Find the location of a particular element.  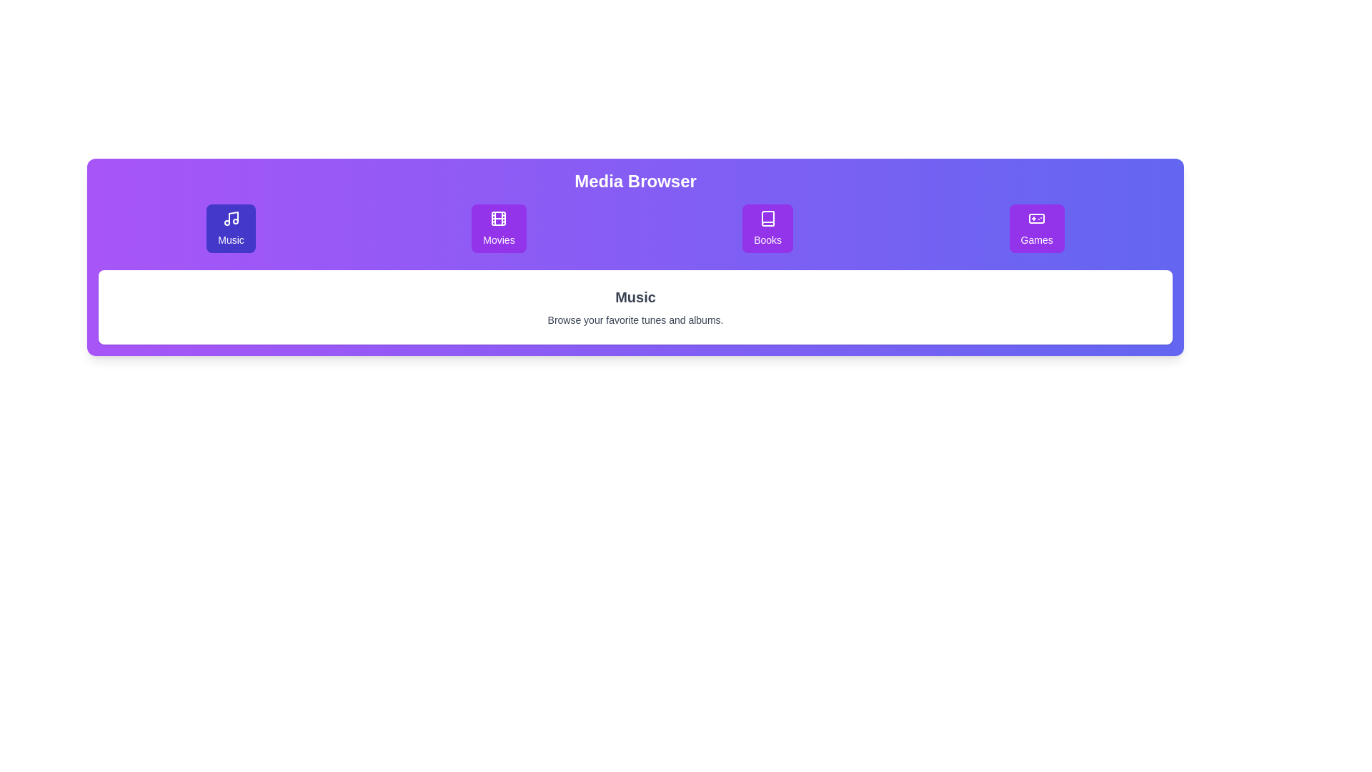

the Music icon located inside the first purple rectangular tile in the top row of the Media Browser section is located at coordinates (230, 218).